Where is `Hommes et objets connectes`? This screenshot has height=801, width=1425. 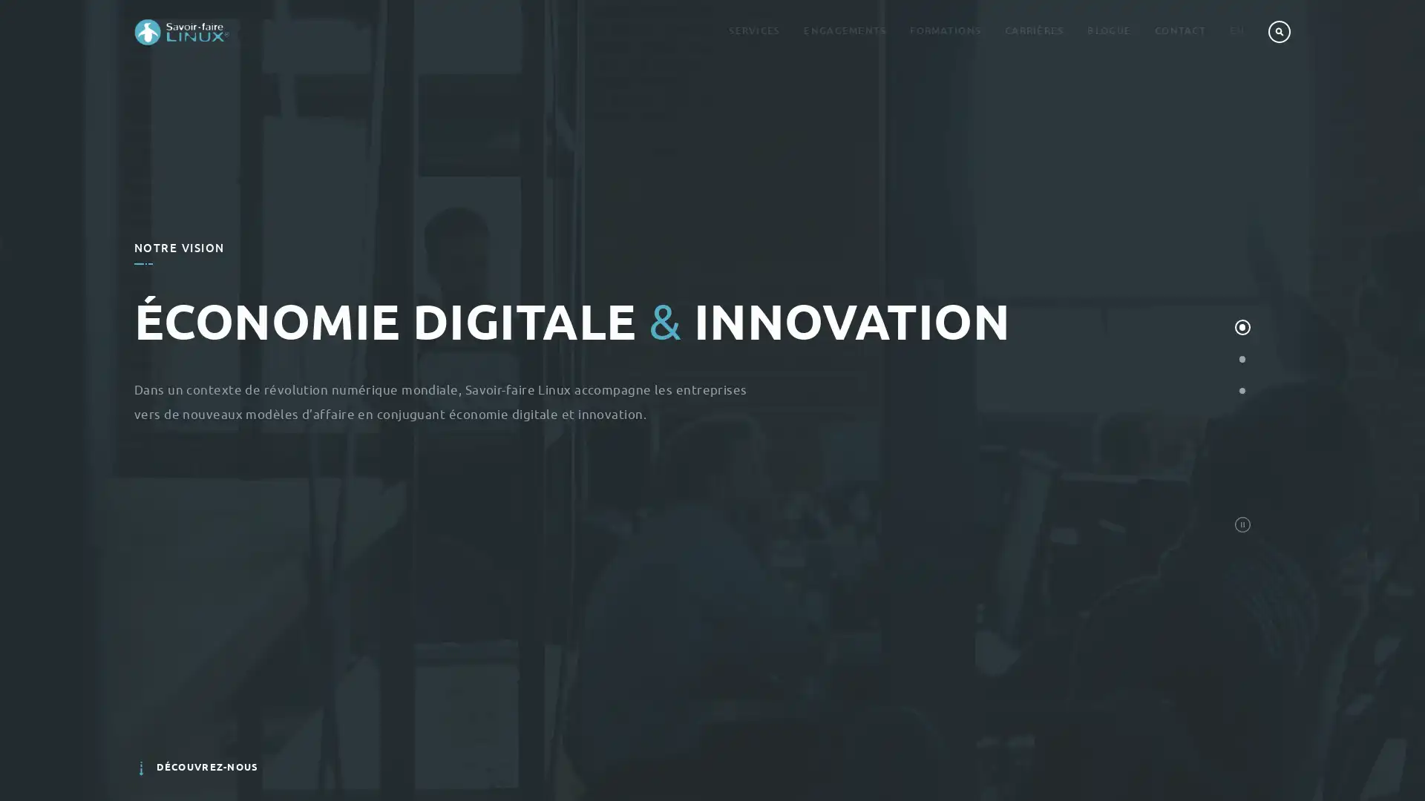
Hommes et objets connectes is located at coordinates (1242, 358).